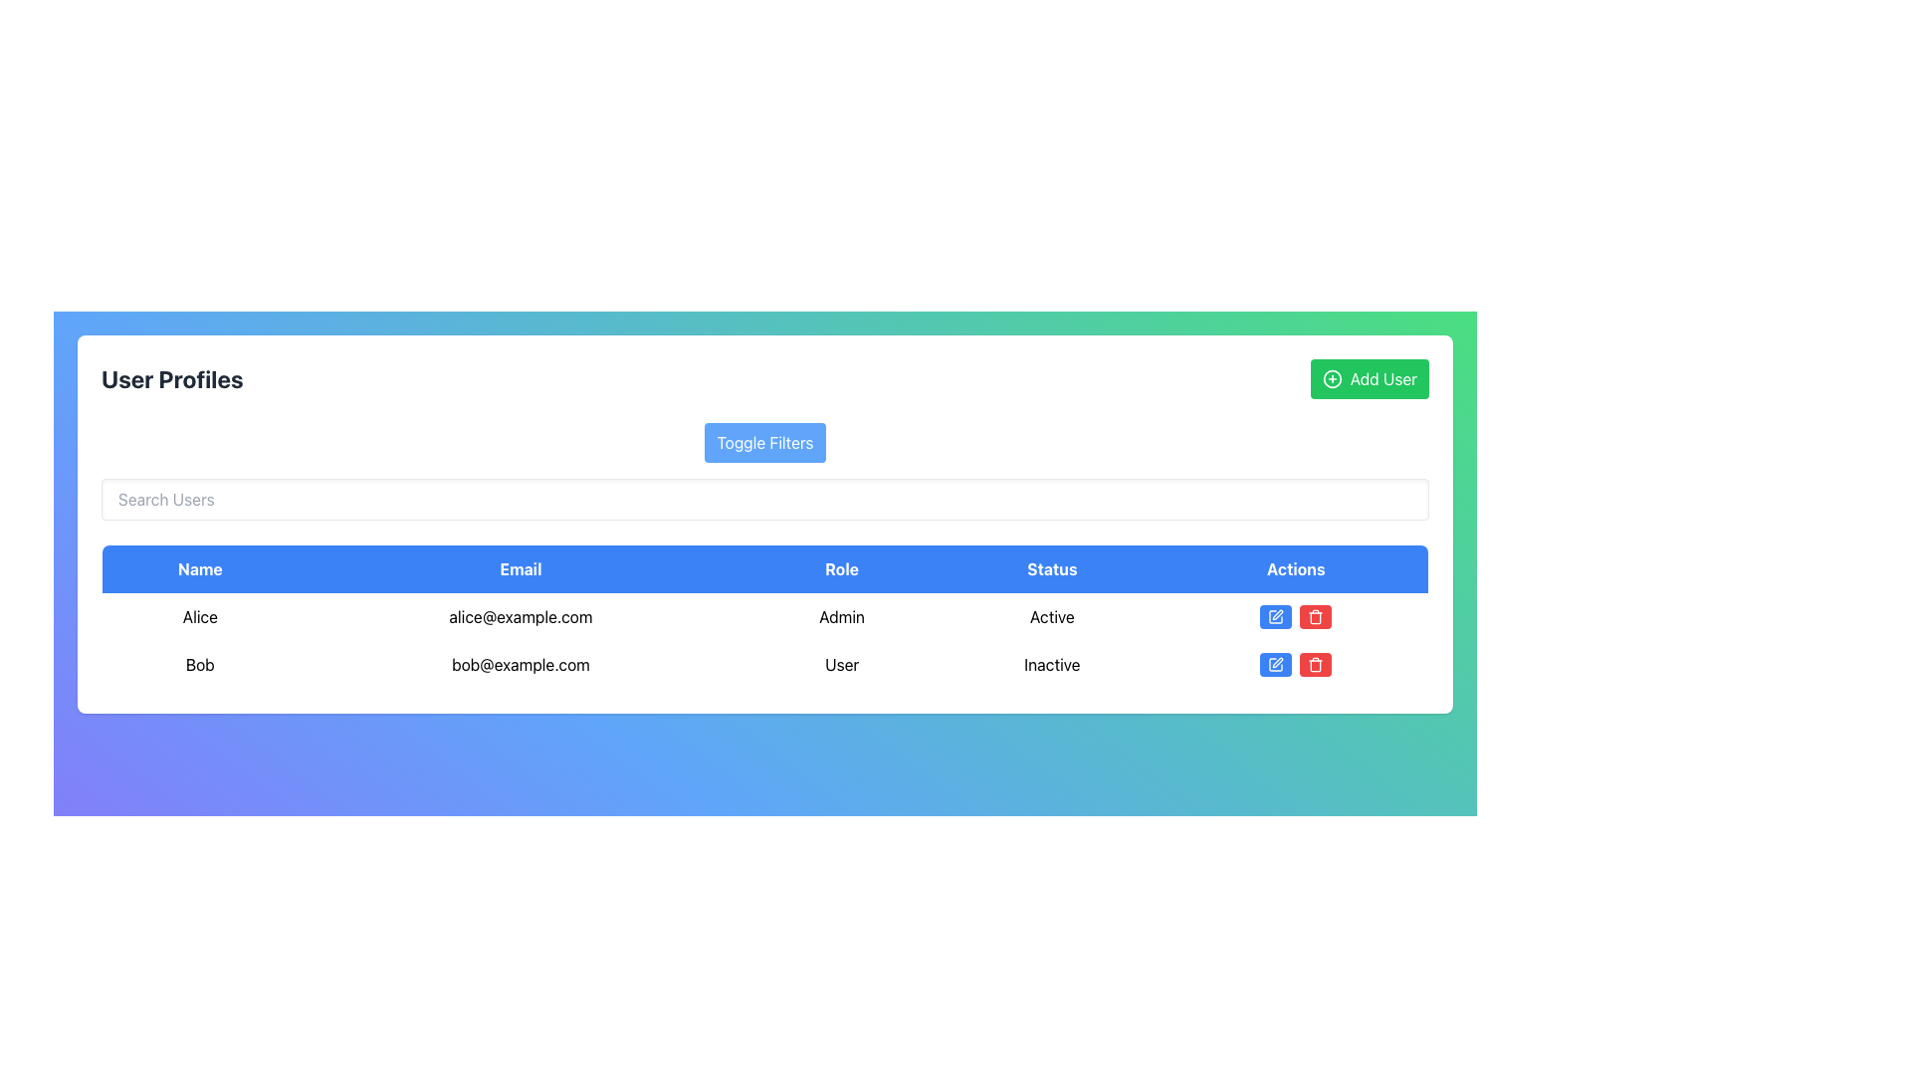 Image resolution: width=1911 pixels, height=1075 pixels. Describe the element at coordinates (1276, 616) in the screenshot. I see `the edit icon located inside the blue button at the rightmost position of the 'Actions' column for the user 'Bob', which is positioned before the red trashcan icon, to potentially see a tooltip` at that location.